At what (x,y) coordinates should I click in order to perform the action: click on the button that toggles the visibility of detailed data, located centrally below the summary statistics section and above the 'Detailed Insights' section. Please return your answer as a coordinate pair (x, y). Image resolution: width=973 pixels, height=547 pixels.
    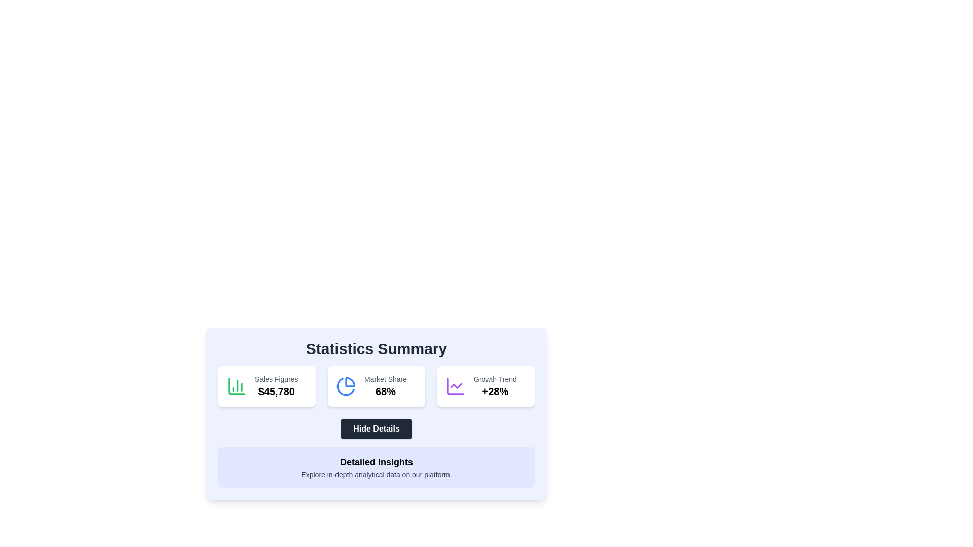
    Looking at the image, I should click on (376, 429).